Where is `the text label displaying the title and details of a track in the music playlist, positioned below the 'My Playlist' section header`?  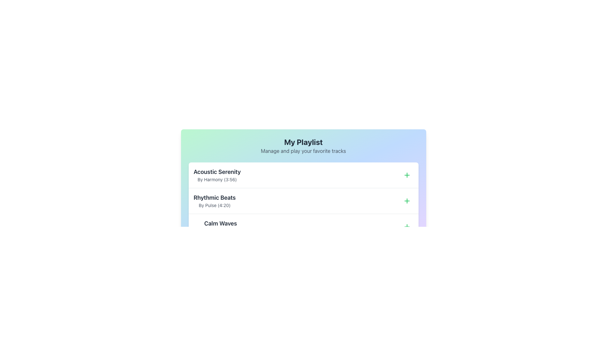
the text label displaying the title and details of a track in the music playlist, positioned below the 'My Playlist' section header is located at coordinates (217, 175).